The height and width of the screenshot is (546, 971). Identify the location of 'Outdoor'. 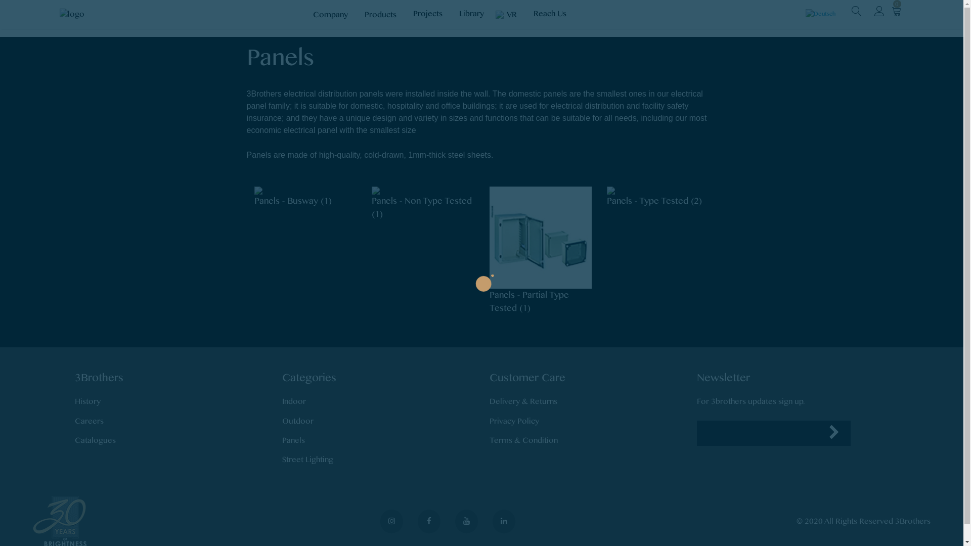
(297, 421).